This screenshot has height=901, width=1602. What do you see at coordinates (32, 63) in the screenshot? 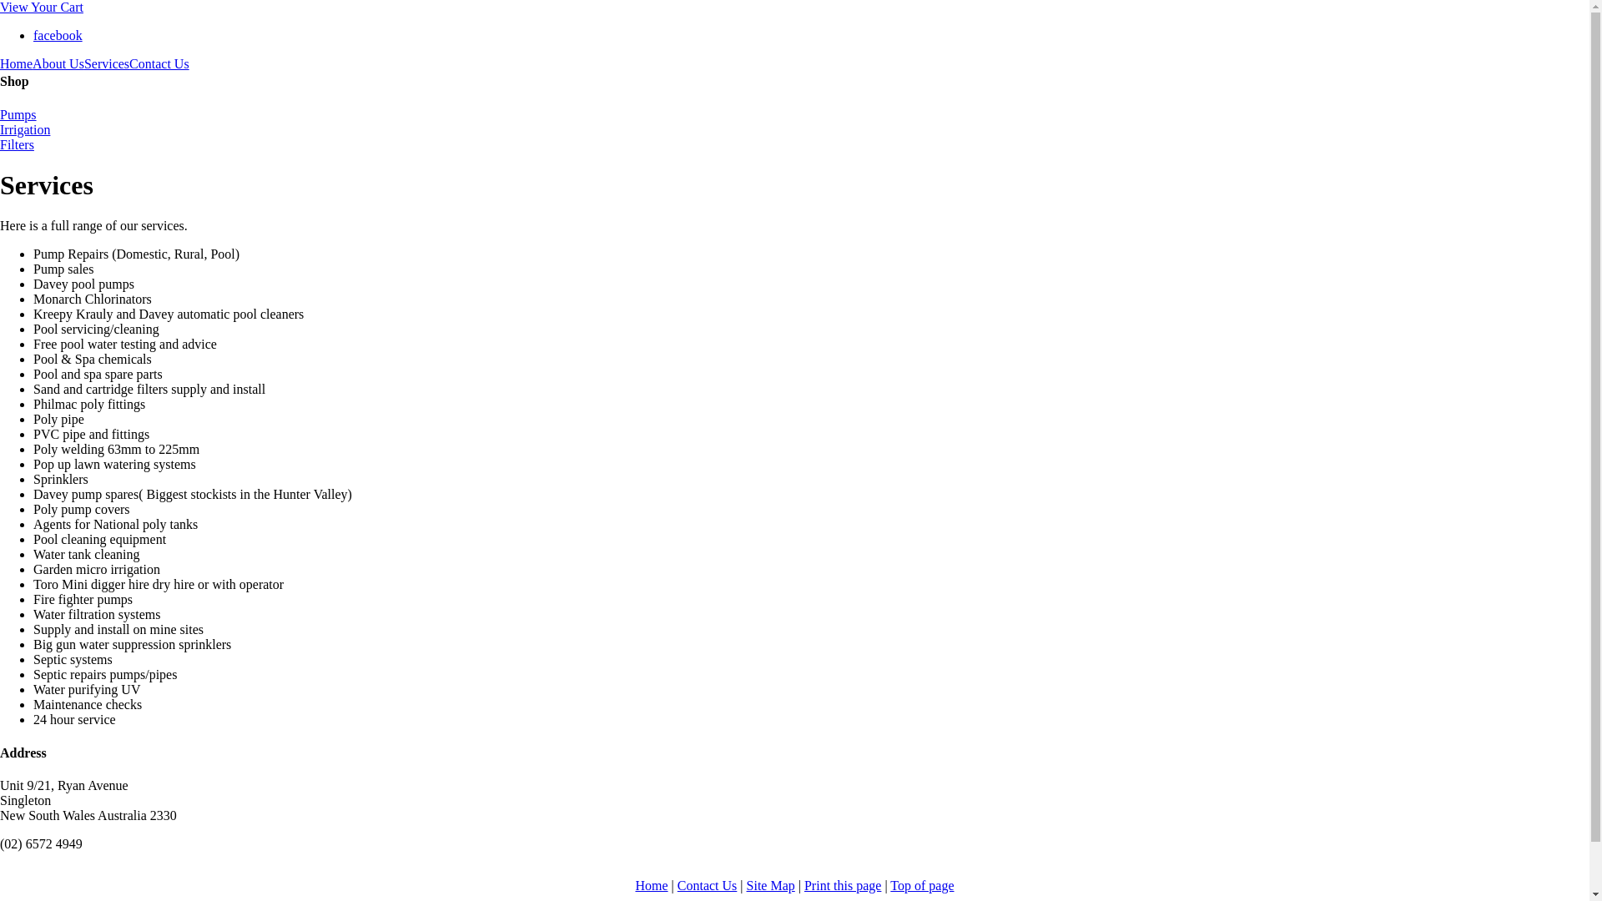
I see `'About Us'` at bounding box center [32, 63].